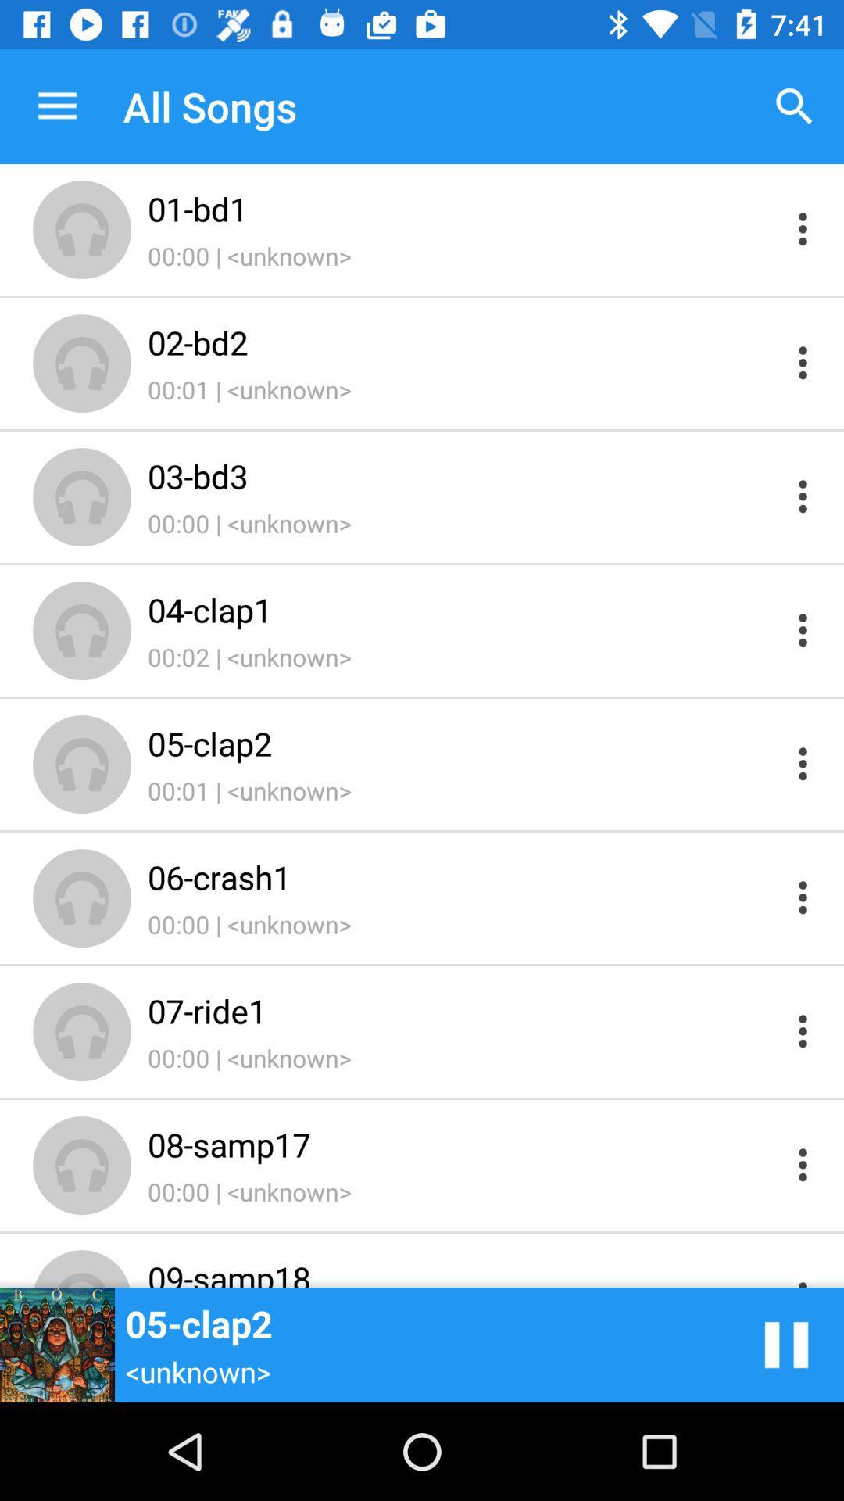  I want to click on tr\ck options, so click(803, 1272).